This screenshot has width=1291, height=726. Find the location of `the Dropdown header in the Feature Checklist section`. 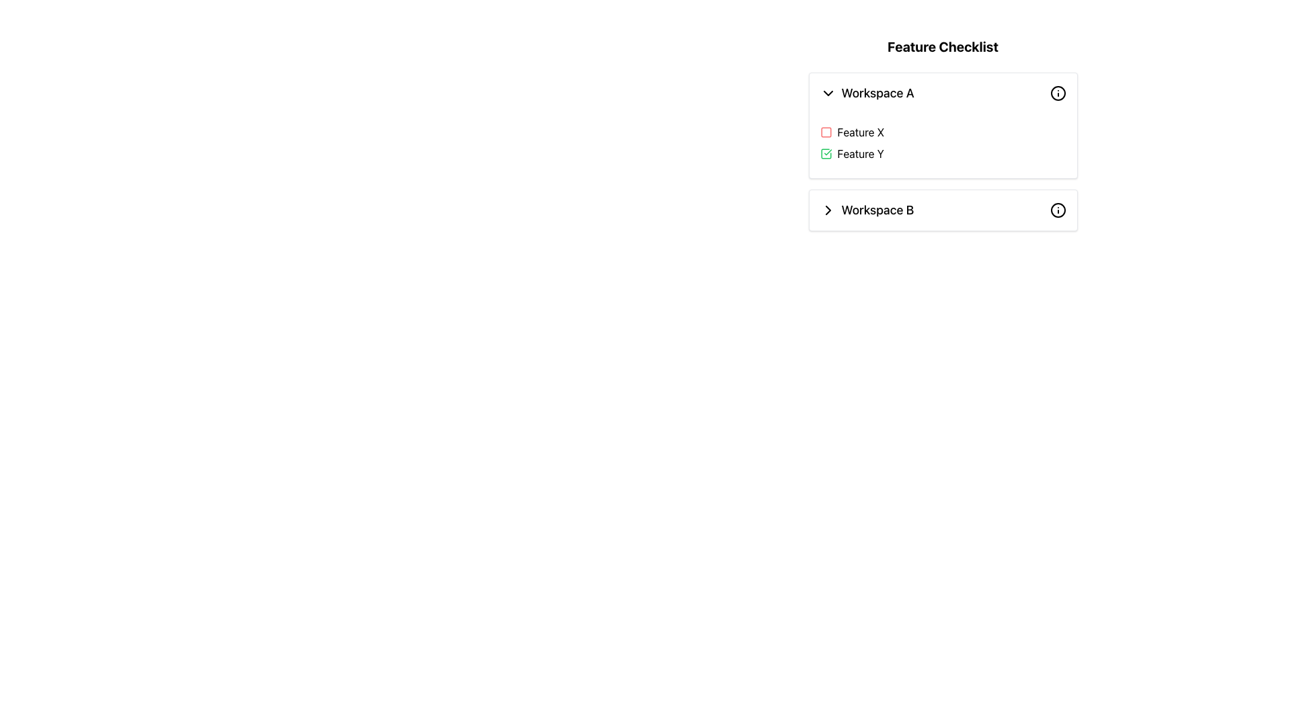

the Dropdown header in the Feature Checklist section is located at coordinates (867, 92).